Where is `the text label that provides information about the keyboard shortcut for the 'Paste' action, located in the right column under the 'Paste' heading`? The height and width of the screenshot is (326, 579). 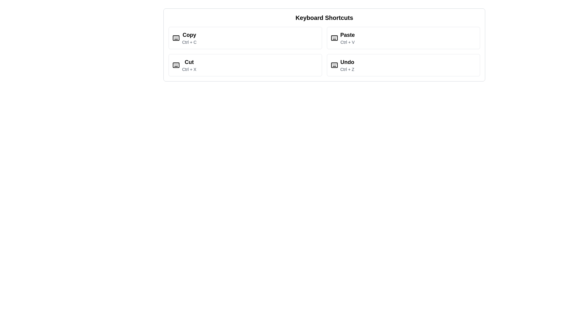
the text label that provides information about the keyboard shortcut for the 'Paste' action, located in the right column under the 'Paste' heading is located at coordinates (347, 42).